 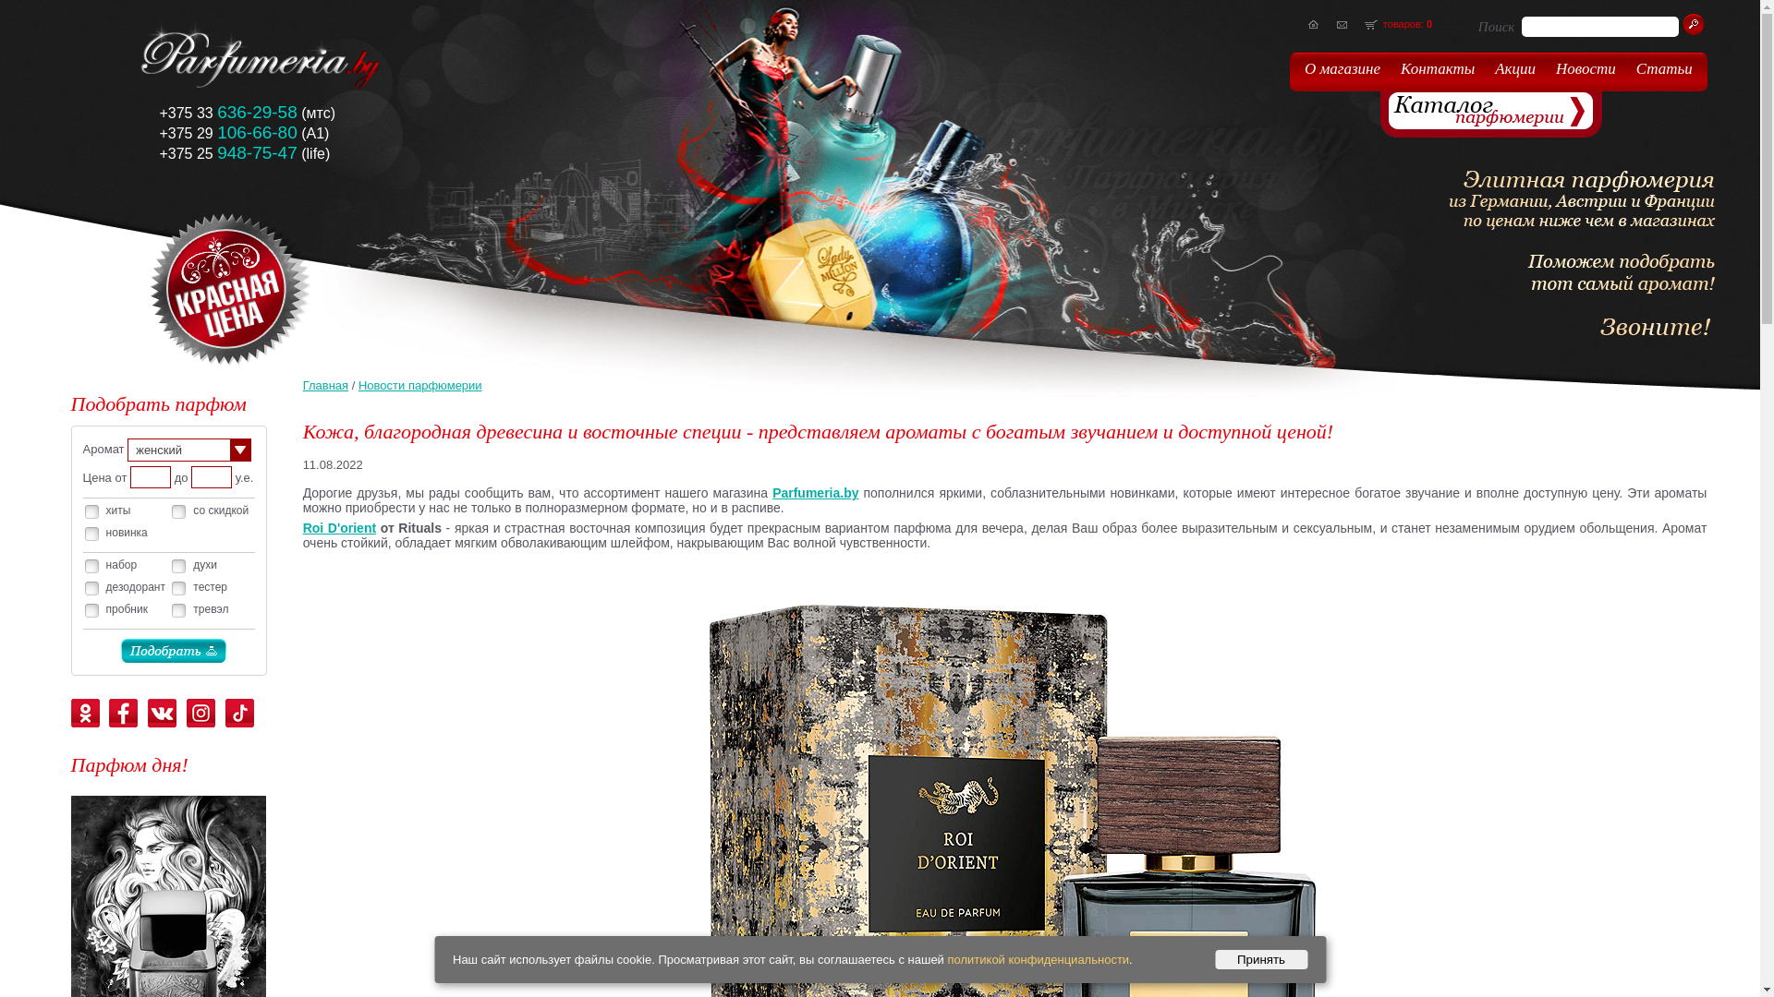 I want to click on 'Parfumeria.by', so click(x=772, y=491).